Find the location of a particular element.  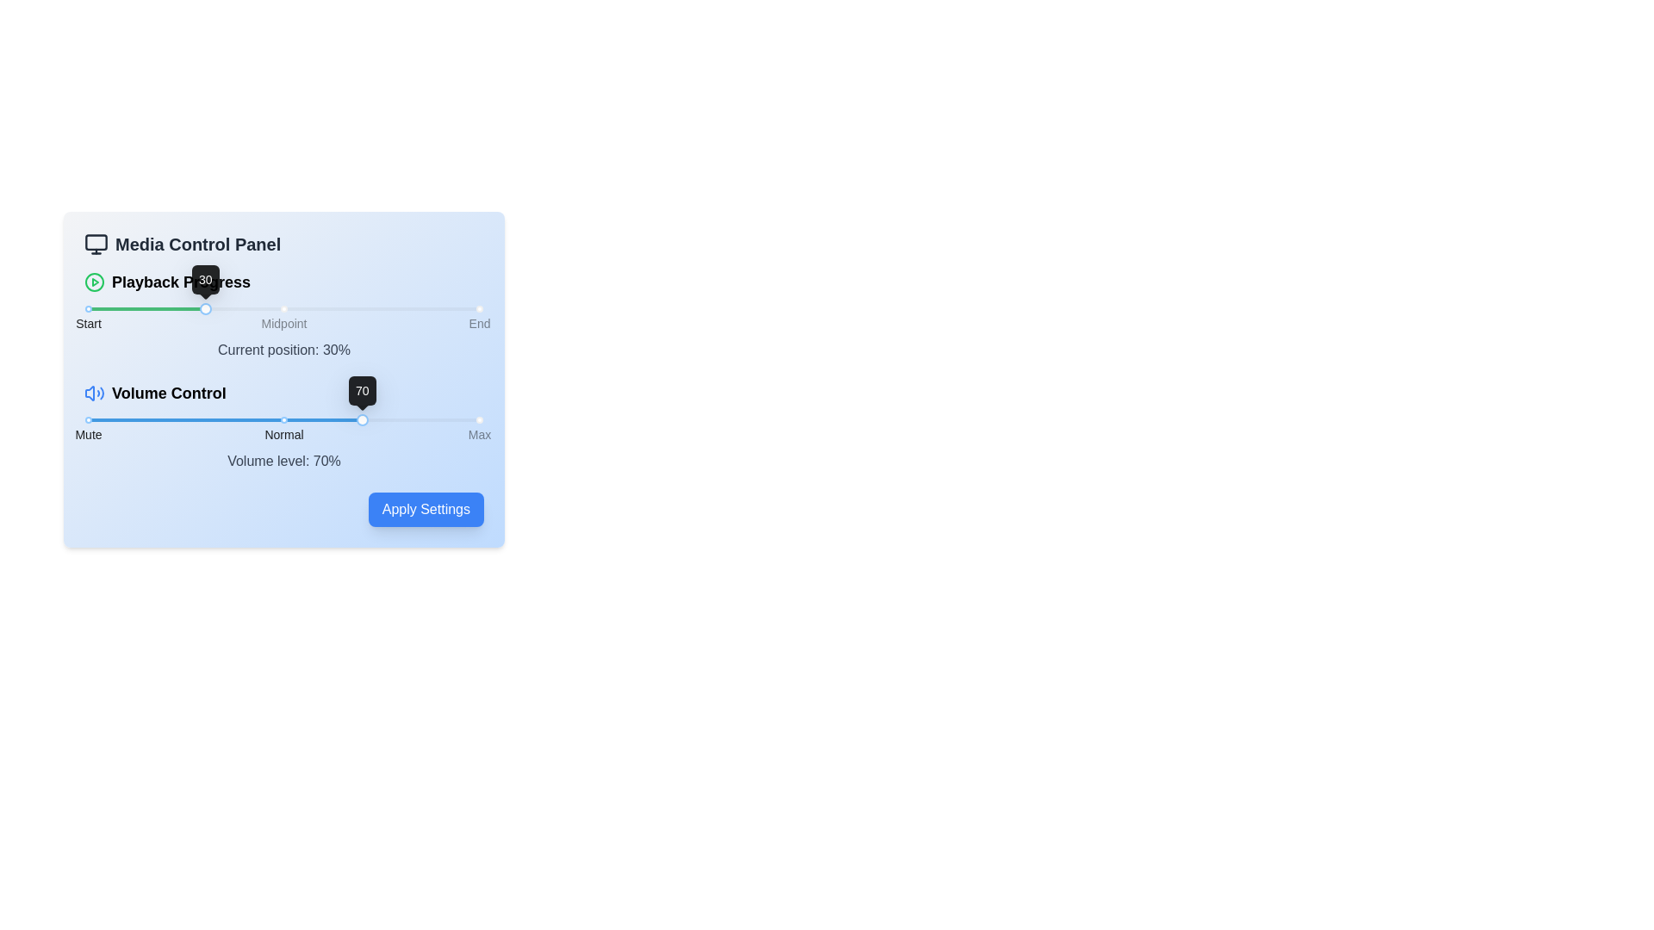

the black computer monitor icon located at the far left of the 'Media Control Panel' header, next to the label 'Media Control Panel' is located at coordinates (95, 245).